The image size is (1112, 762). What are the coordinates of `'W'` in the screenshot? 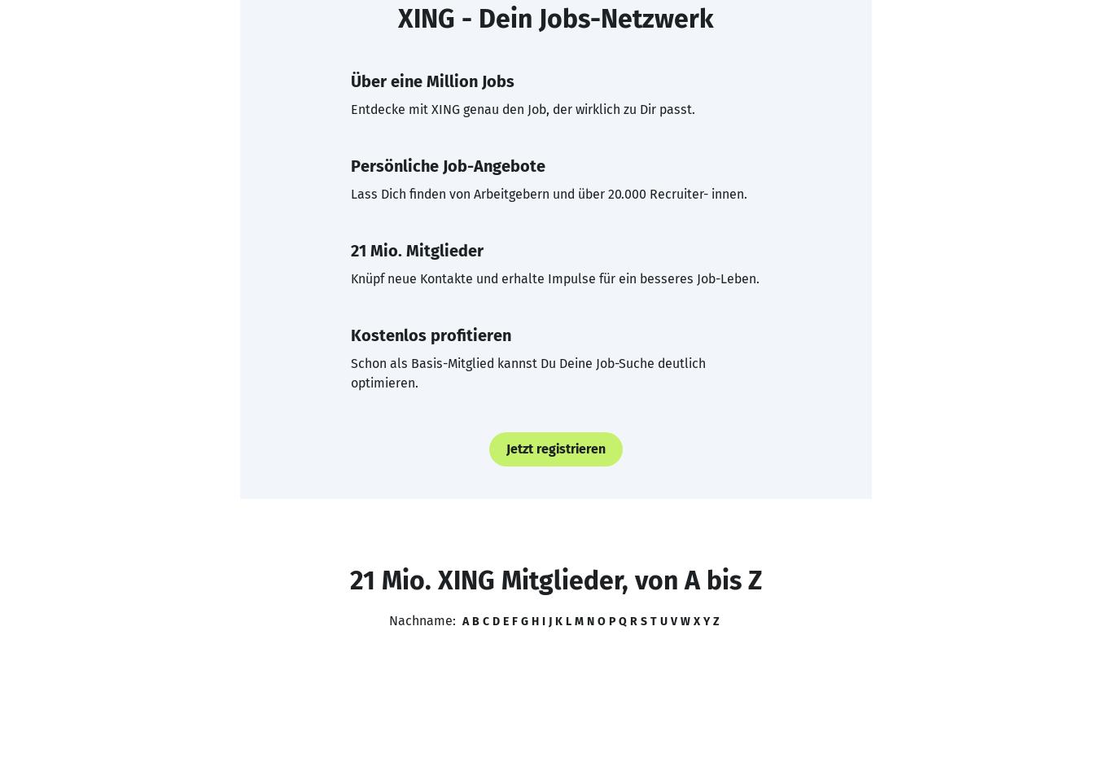 It's located at (684, 620).